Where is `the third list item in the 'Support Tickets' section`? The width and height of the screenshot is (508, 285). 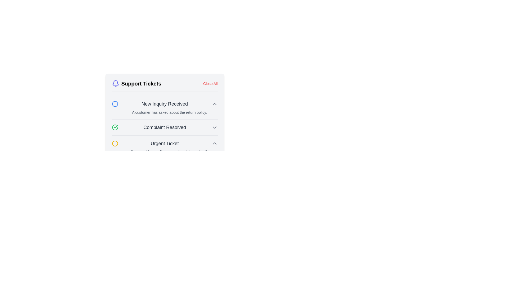
the third list item in the 'Support Tickets' section is located at coordinates (164, 147).